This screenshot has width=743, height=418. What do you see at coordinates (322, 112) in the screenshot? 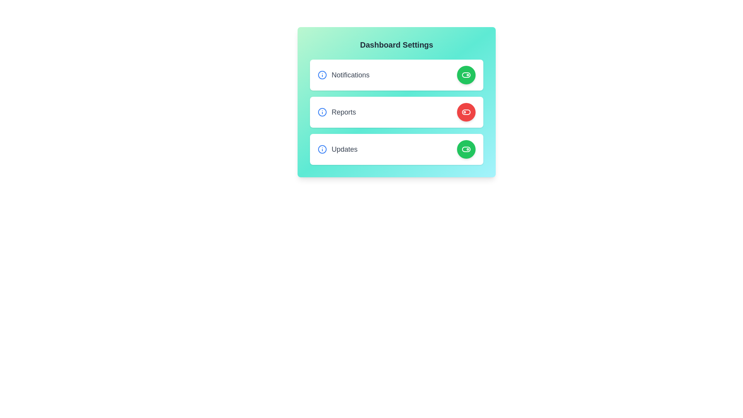
I see `information icon for the Reports setting` at bounding box center [322, 112].